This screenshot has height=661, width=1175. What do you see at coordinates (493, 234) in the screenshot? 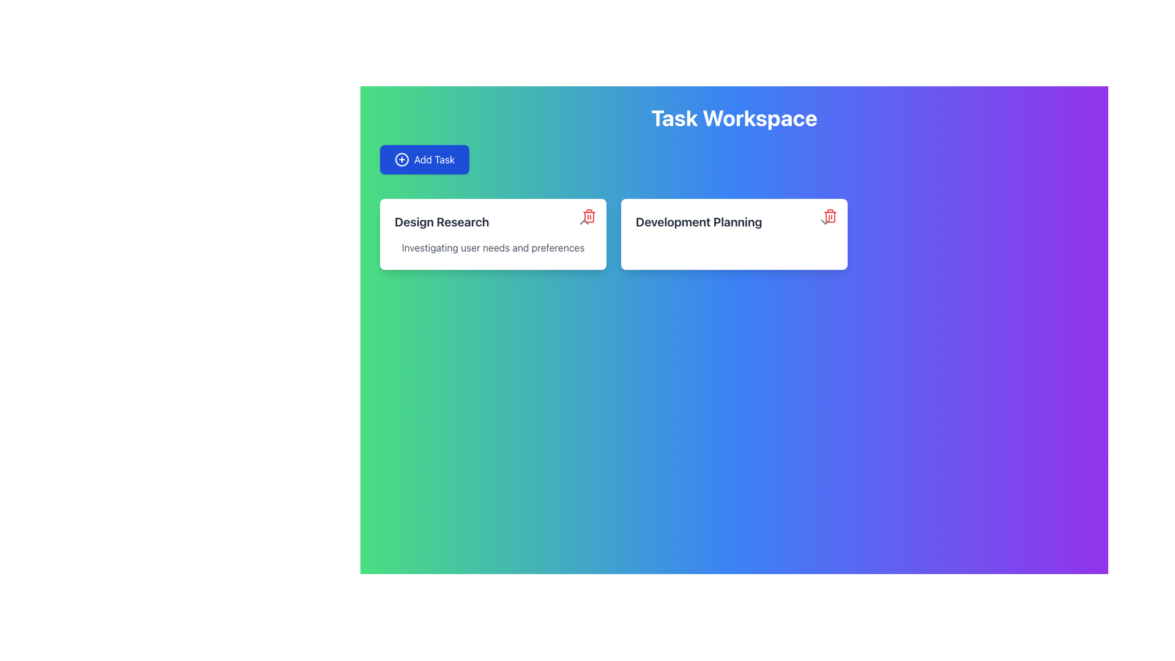
I see `the title 'Design Research' on the first card` at bounding box center [493, 234].